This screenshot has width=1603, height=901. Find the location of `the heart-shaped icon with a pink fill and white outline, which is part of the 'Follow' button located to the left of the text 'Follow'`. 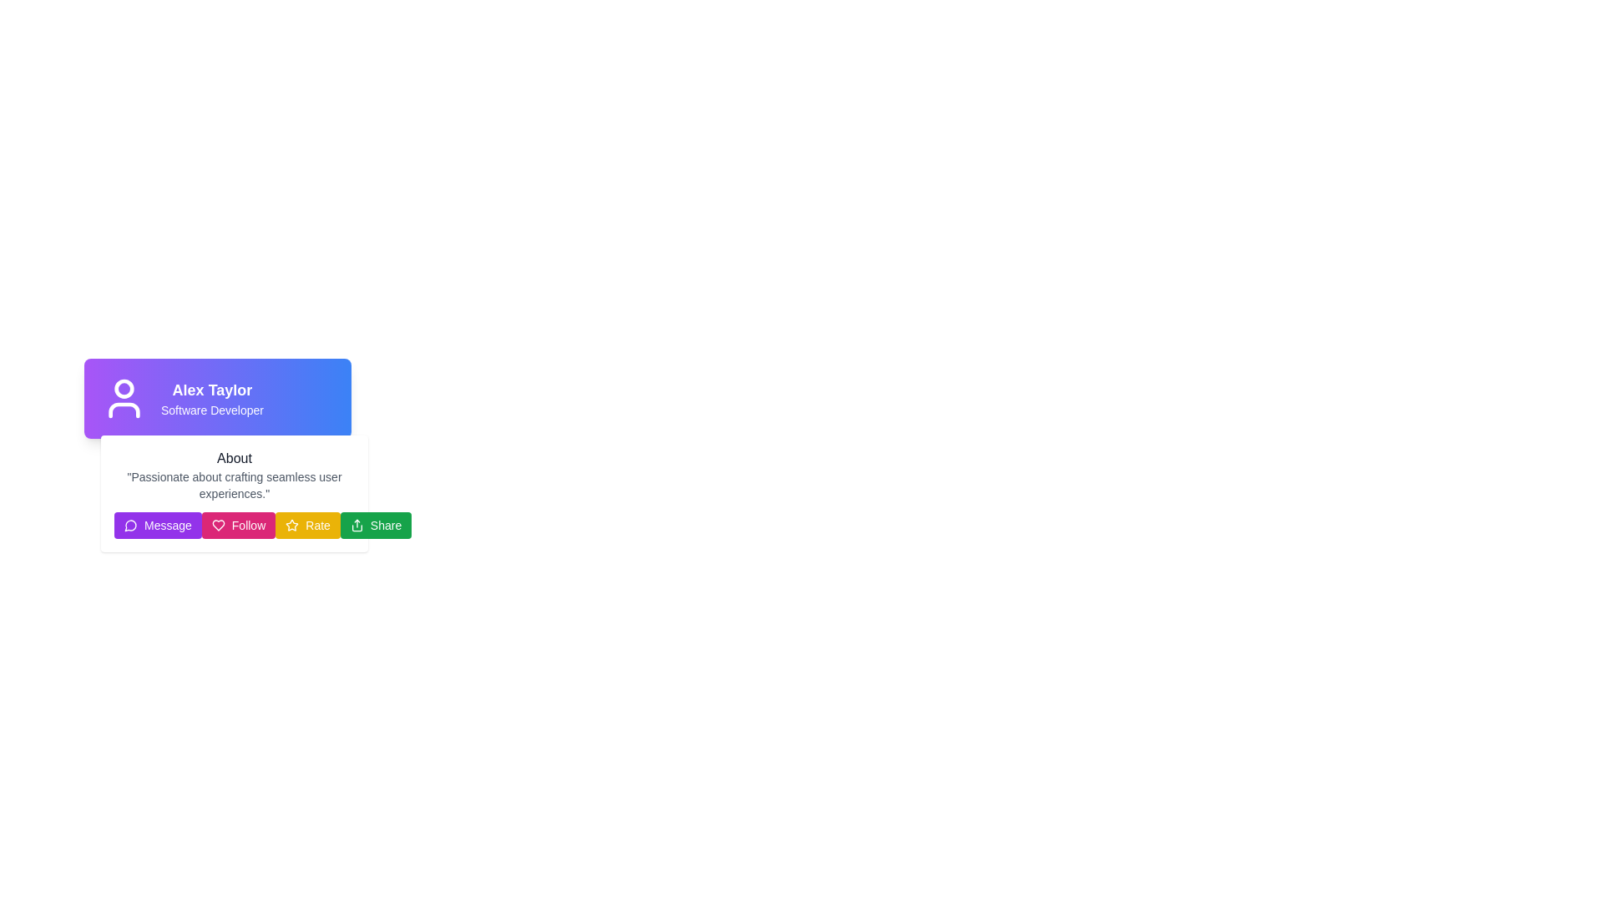

the heart-shaped icon with a pink fill and white outline, which is part of the 'Follow' button located to the left of the text 'Follow' is located at coordinates (217, 524).